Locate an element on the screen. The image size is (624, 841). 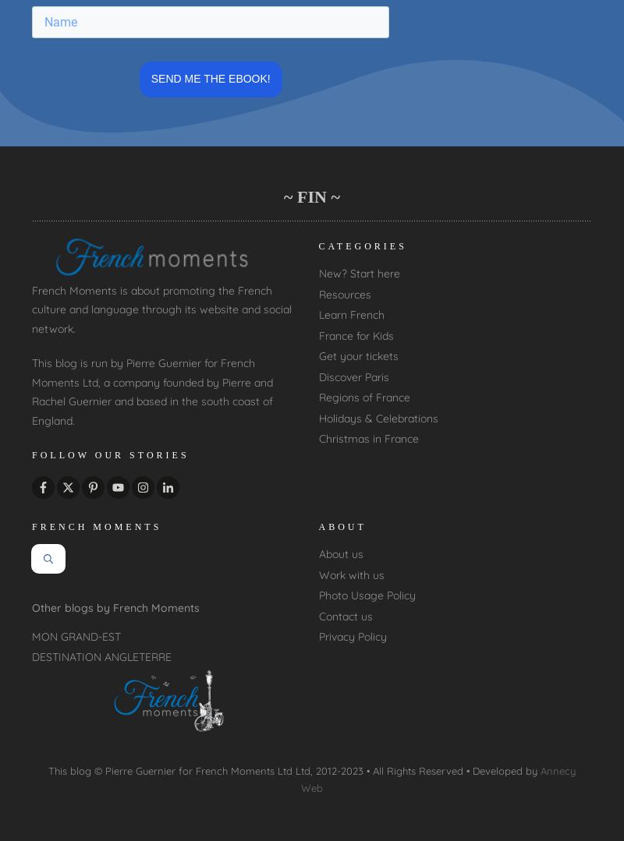
'Resources' is located at coordinates (343, 293).